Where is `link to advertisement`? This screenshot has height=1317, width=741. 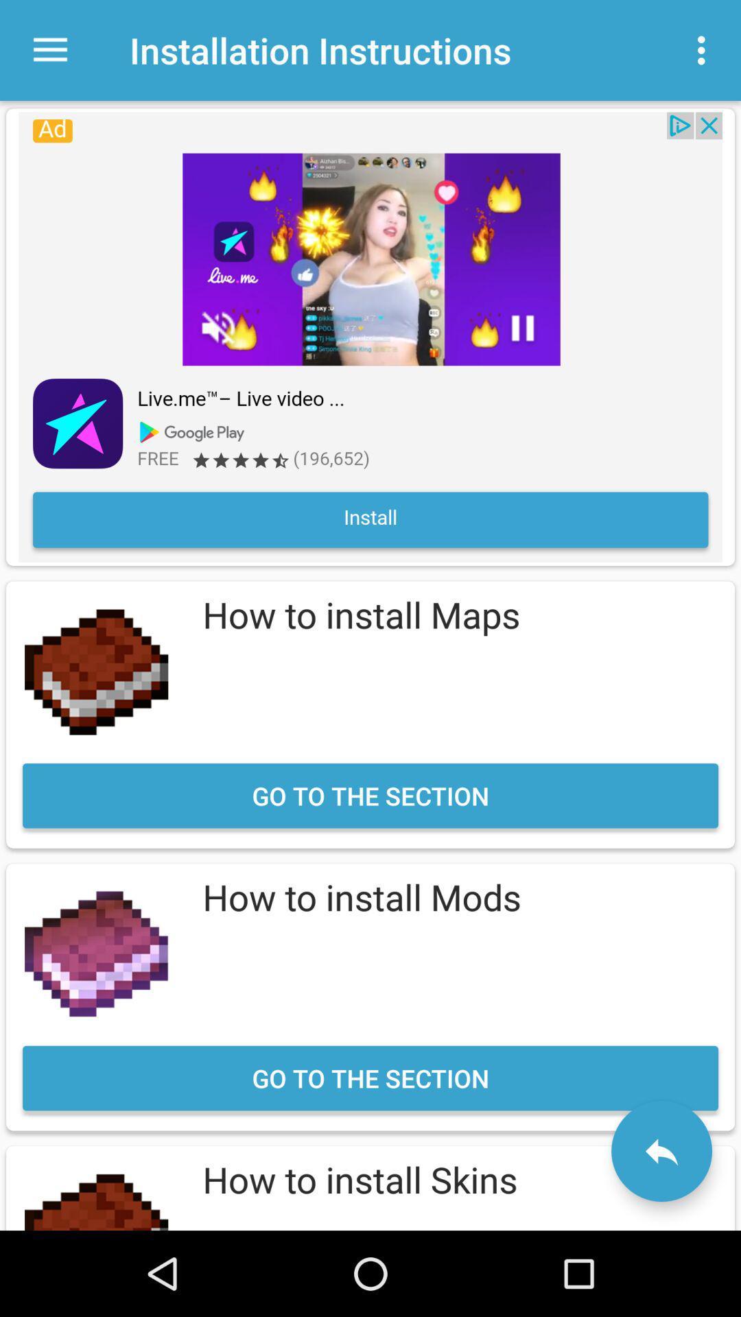 link to advertisement is located at coordinates (370, 337).